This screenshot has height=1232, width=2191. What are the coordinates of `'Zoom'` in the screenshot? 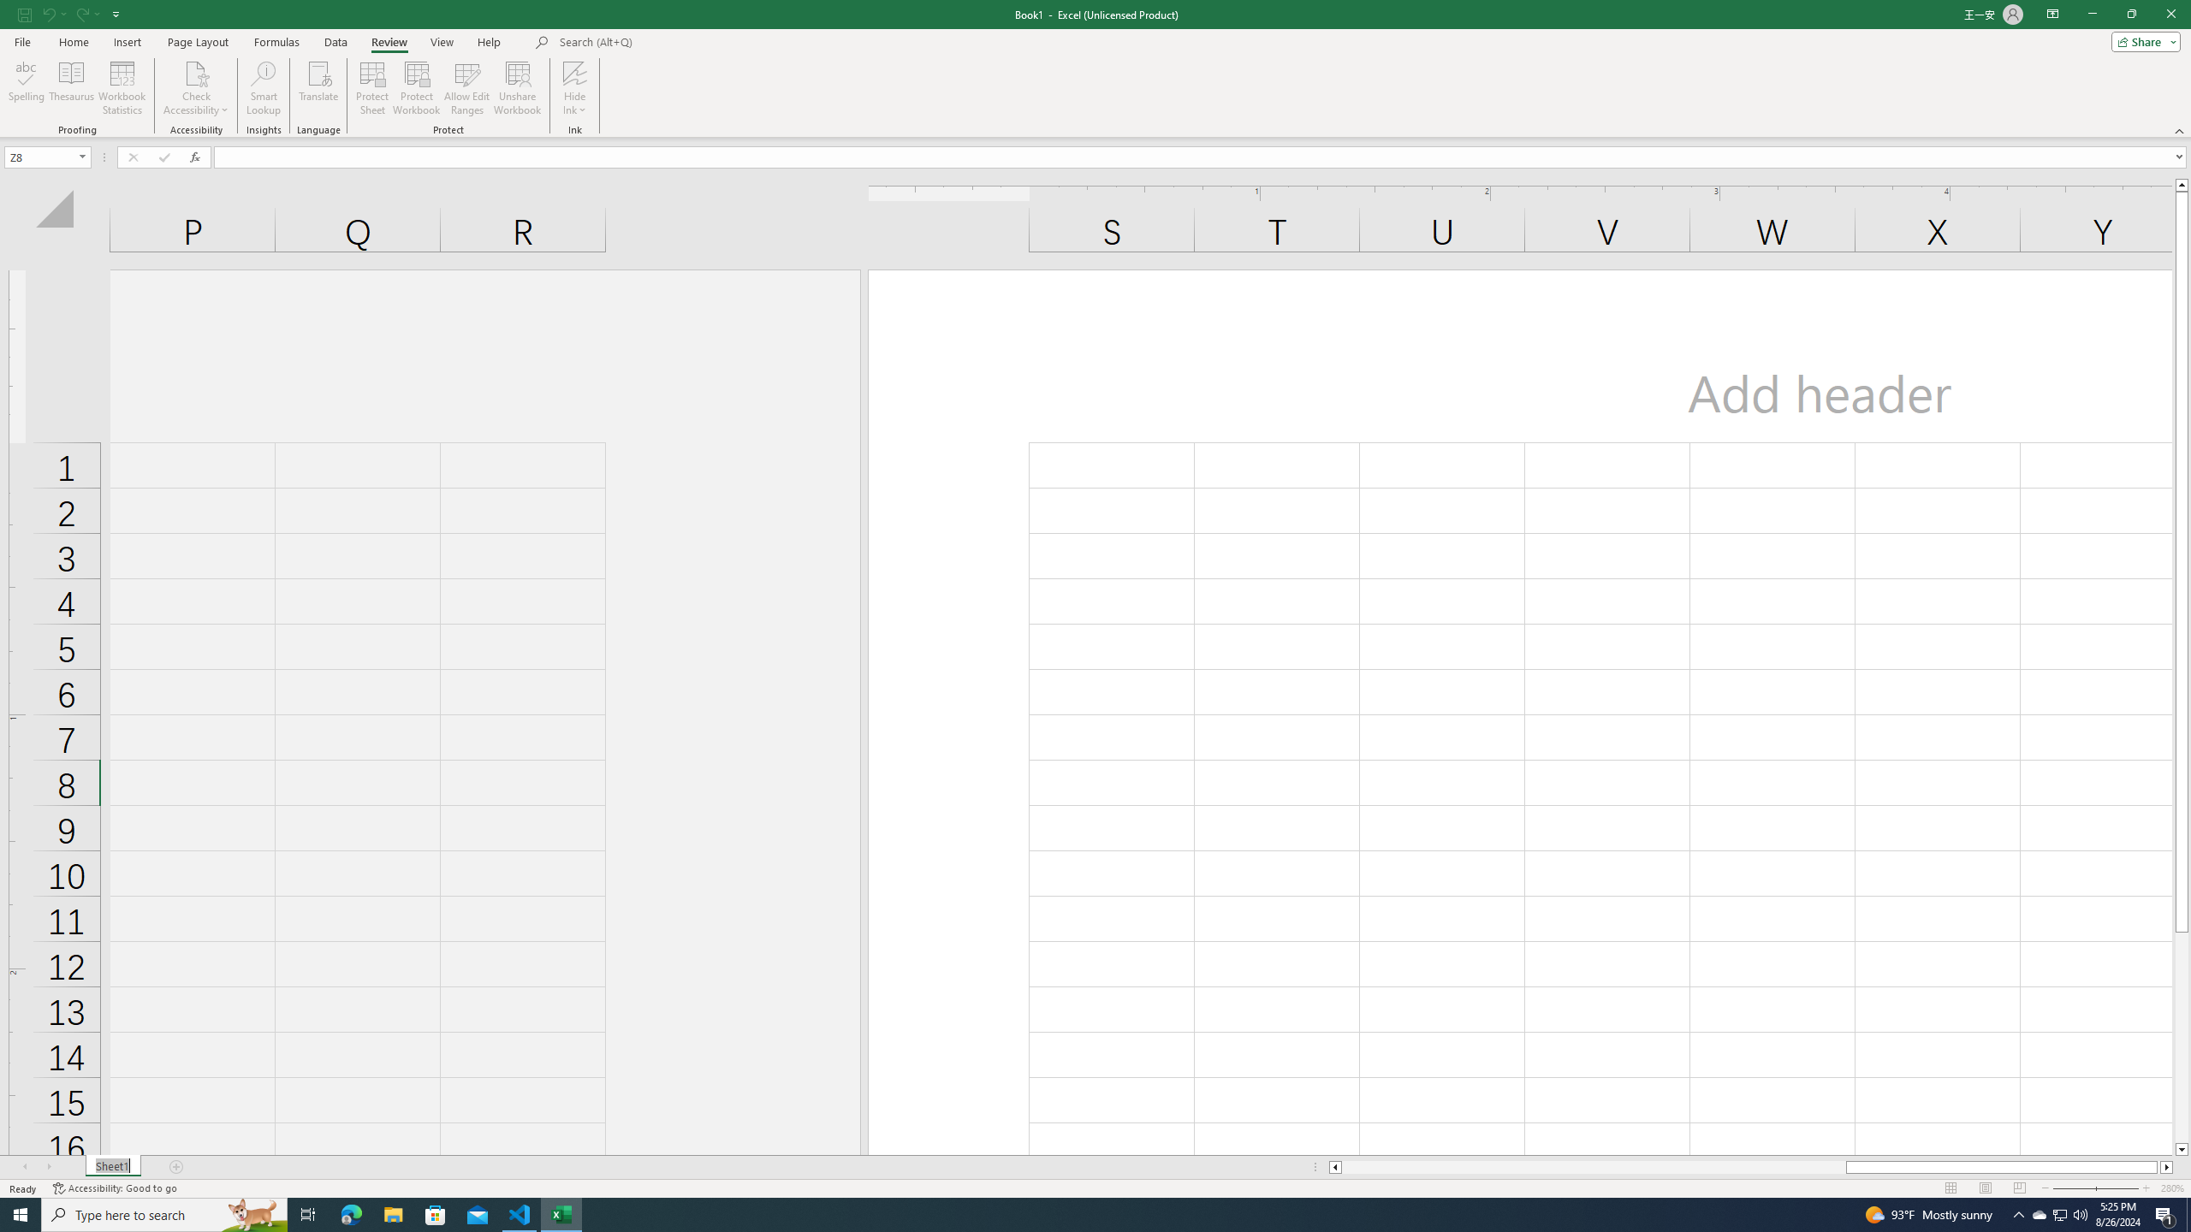 It's located at (2094, 1188).